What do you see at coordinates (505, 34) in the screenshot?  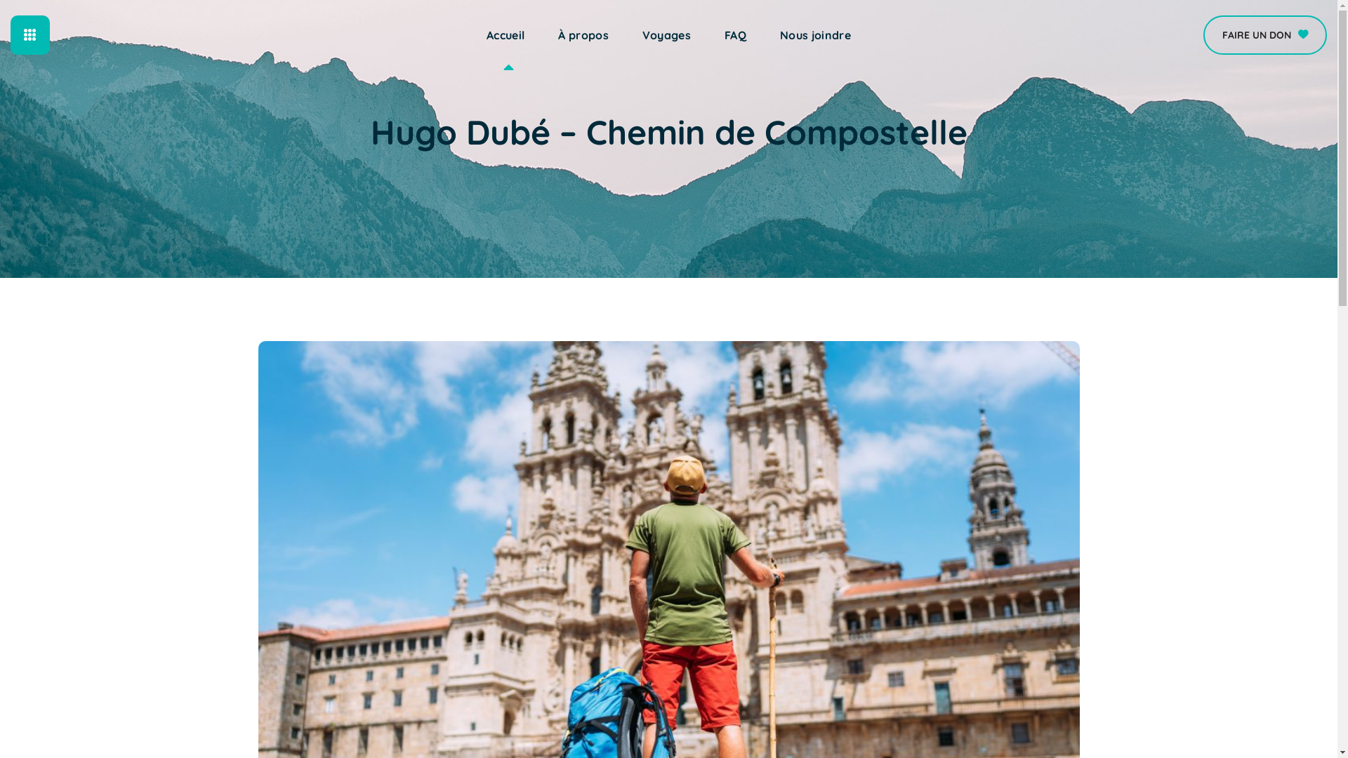 I see `'Accueil'` at bounding box center [505, 34].